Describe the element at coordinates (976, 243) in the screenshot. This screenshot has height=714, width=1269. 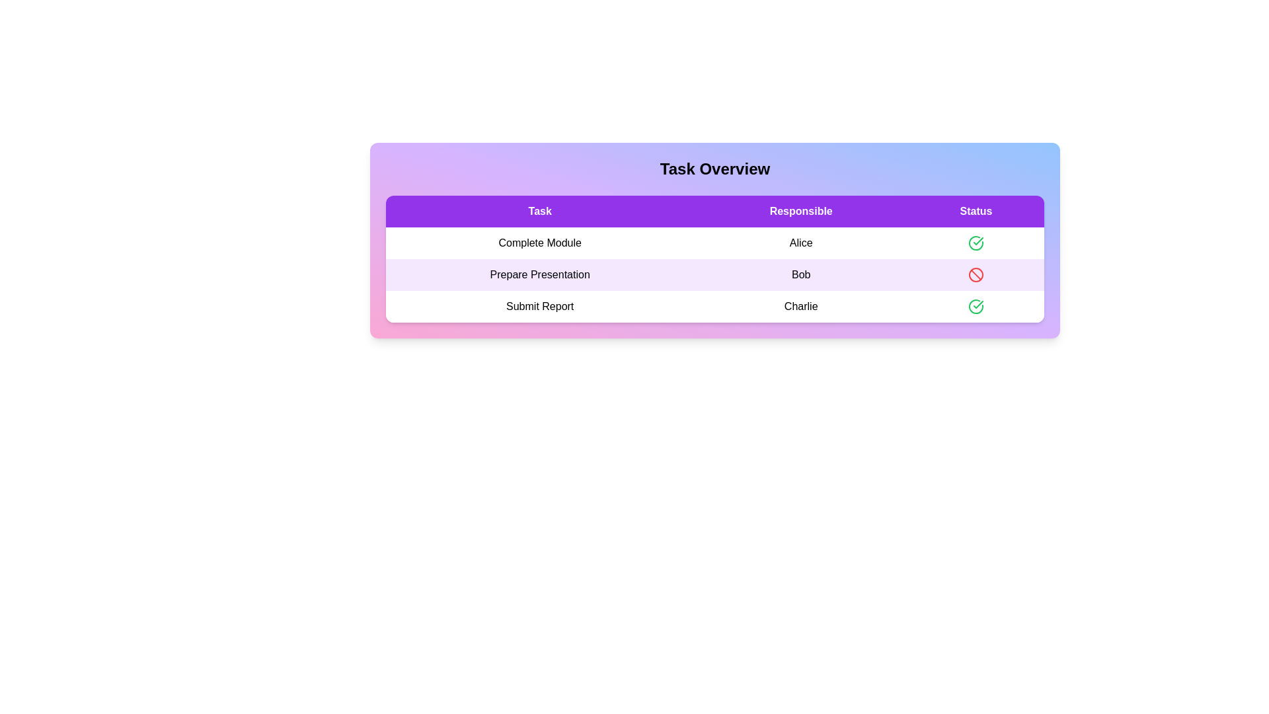
I see `the green circular icon with a checkmark inside, located` at that location.